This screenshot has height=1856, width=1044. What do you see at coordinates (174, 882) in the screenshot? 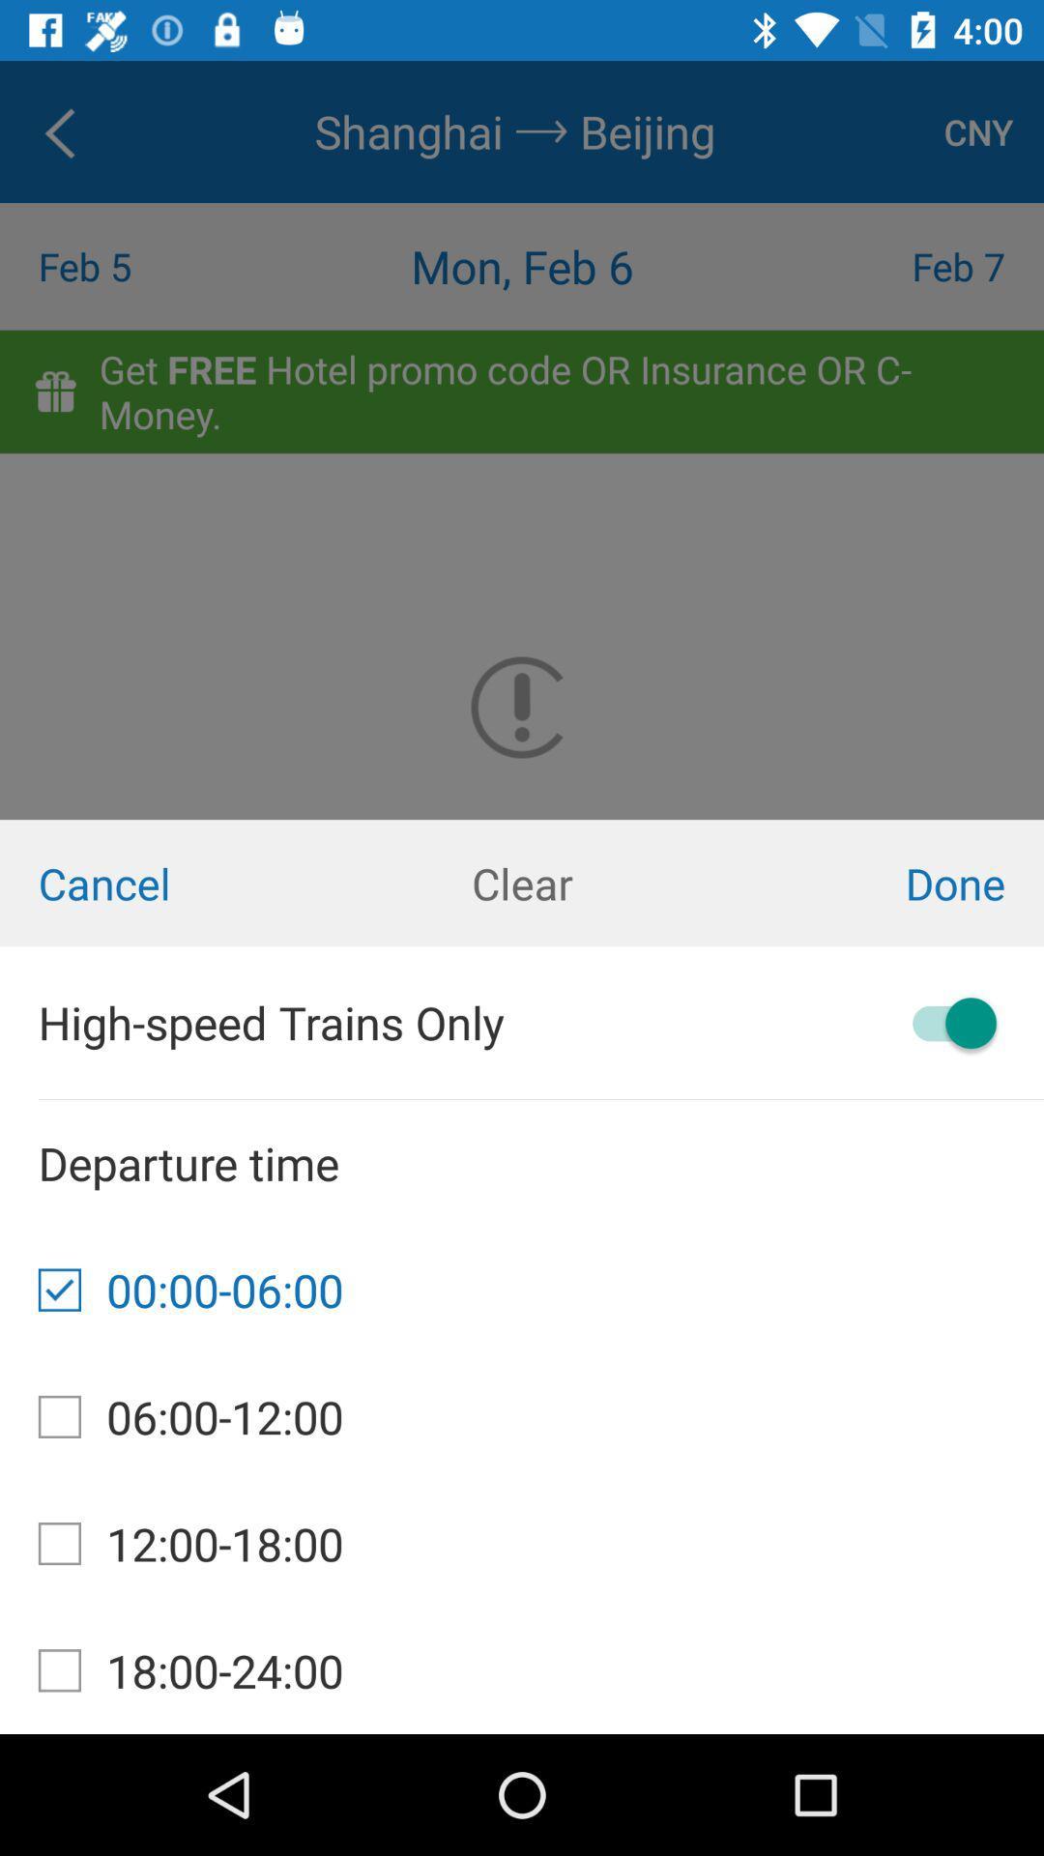
I see `the item on the left` at bounding box center [174, 882].